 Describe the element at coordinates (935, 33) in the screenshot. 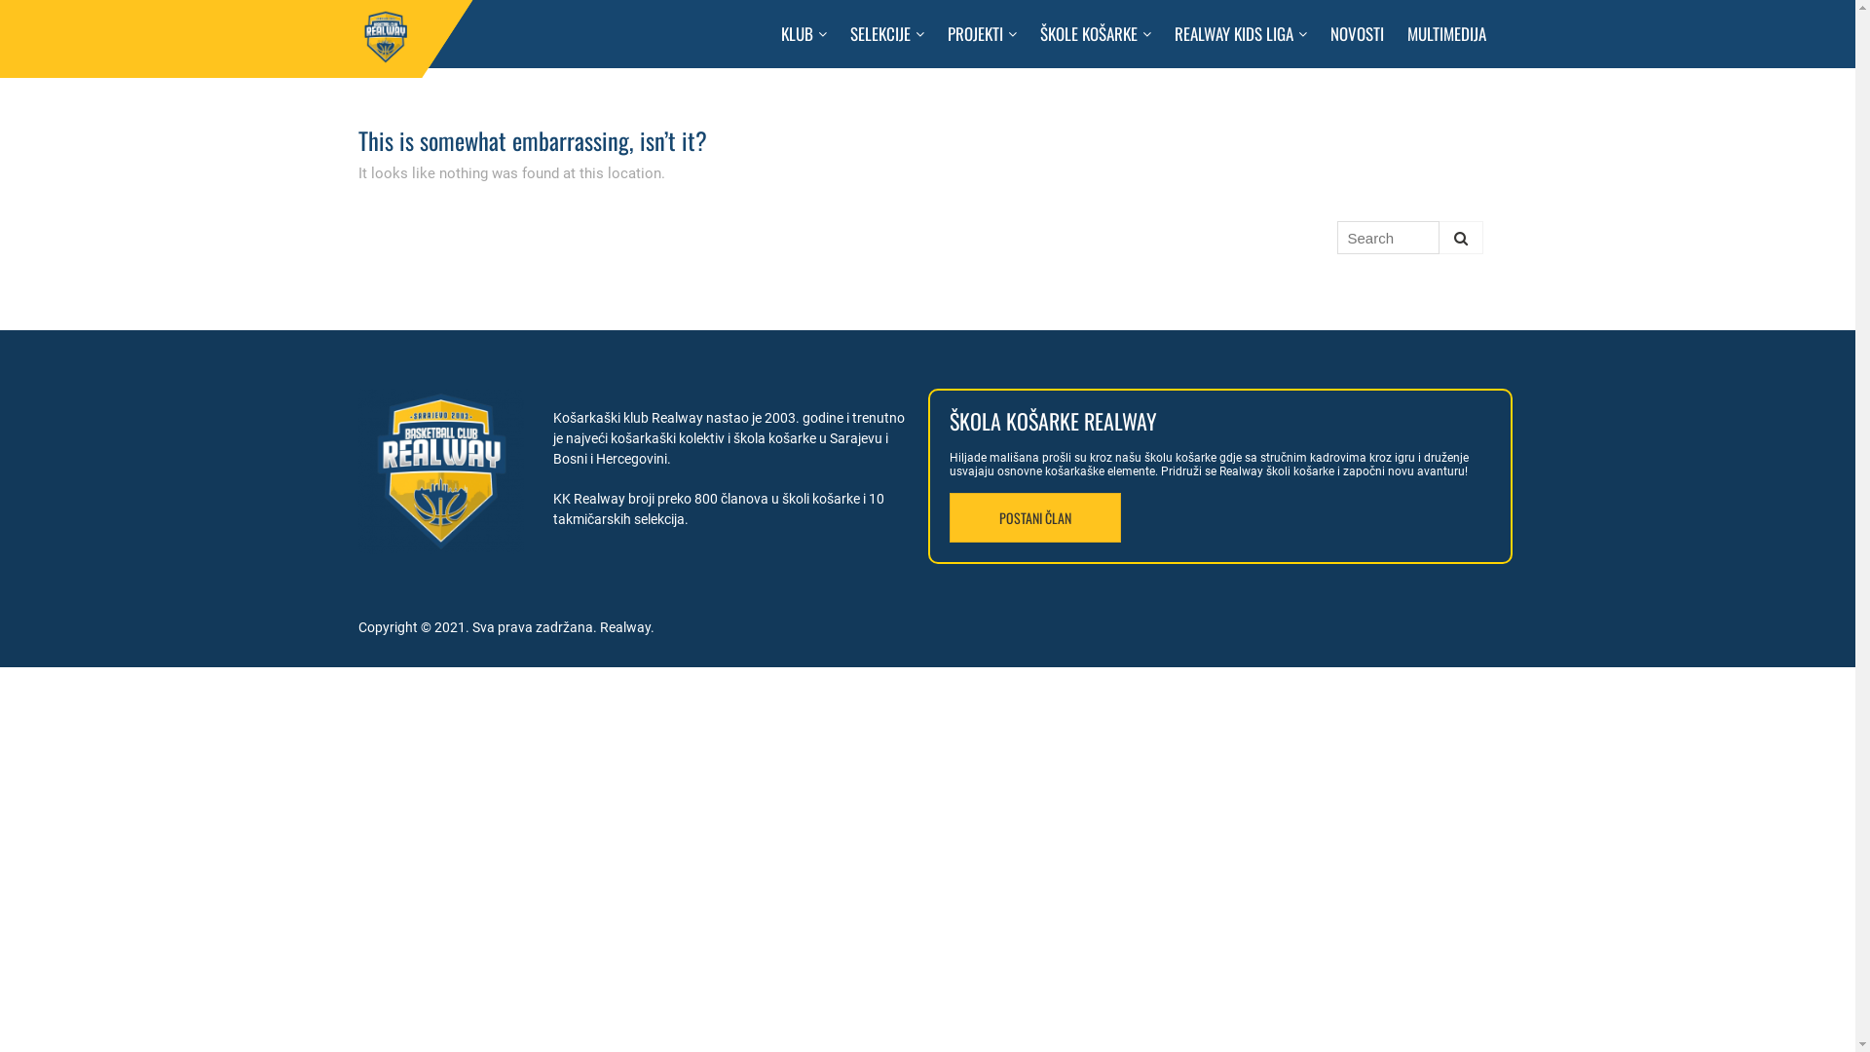

I see `'PROJEKTI'` at that location.